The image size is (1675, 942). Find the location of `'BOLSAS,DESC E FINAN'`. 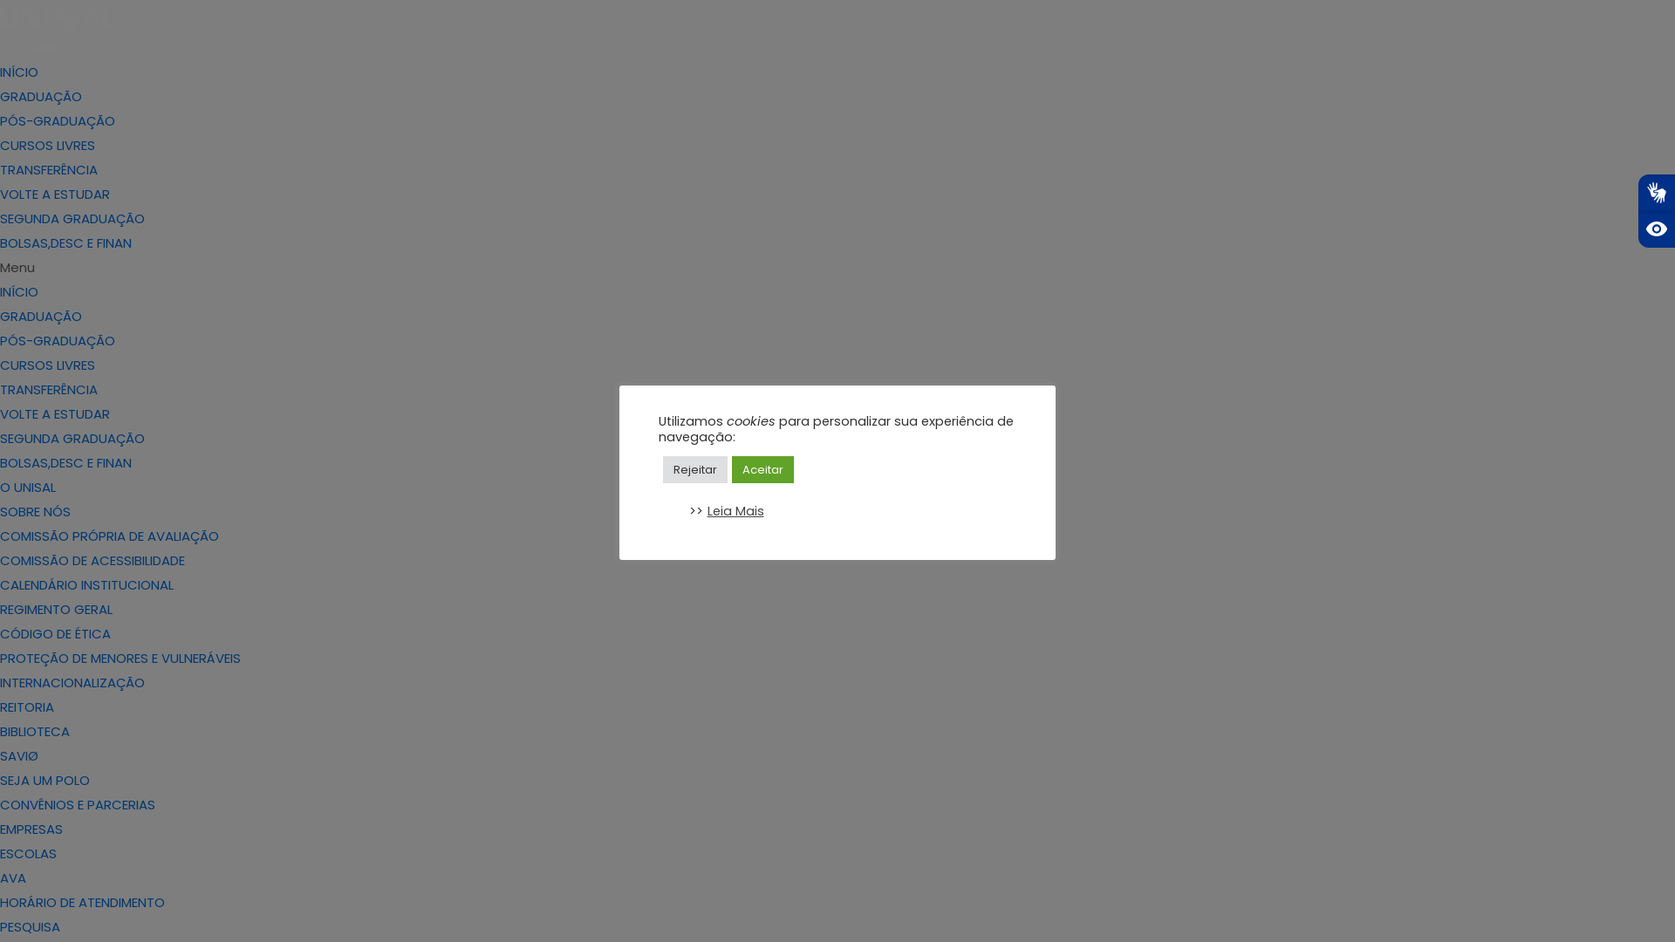

'BOLSAS,DESC E FINAN' is located at coordinates (65, 461).